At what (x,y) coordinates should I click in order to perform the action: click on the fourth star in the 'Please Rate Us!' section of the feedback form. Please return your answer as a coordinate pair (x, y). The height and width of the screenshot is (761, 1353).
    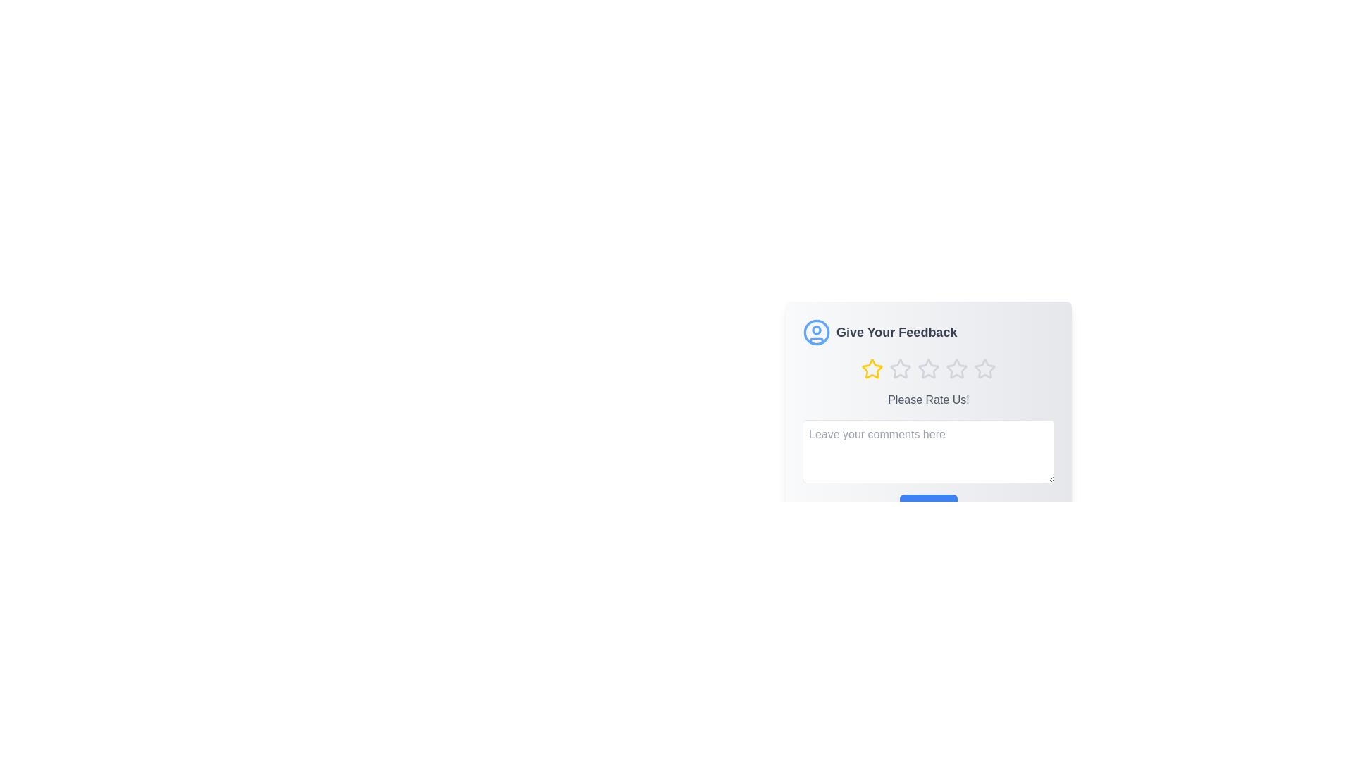
    Looking at the image, I should click on (957, 369).